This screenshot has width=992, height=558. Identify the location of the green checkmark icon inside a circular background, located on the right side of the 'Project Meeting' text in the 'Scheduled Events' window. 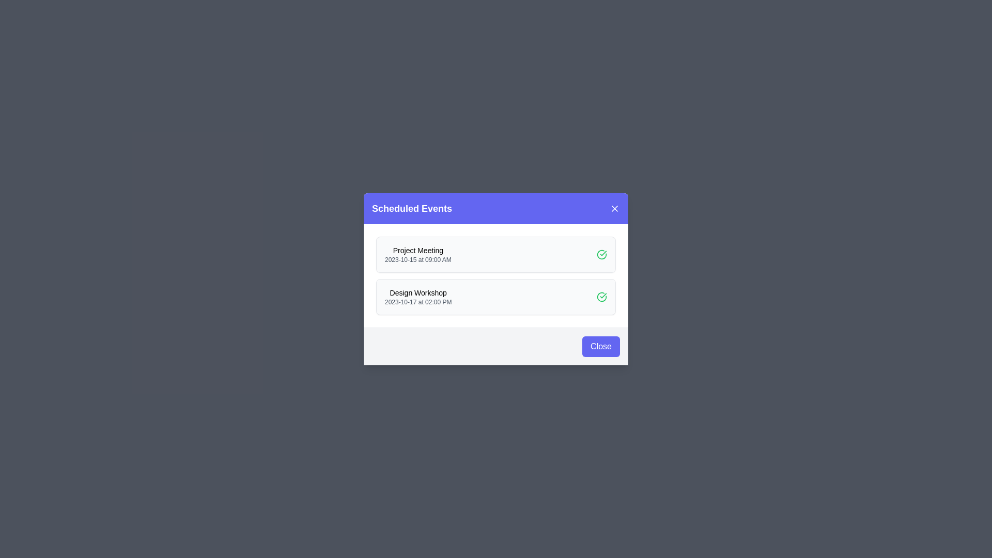
(602, 297).